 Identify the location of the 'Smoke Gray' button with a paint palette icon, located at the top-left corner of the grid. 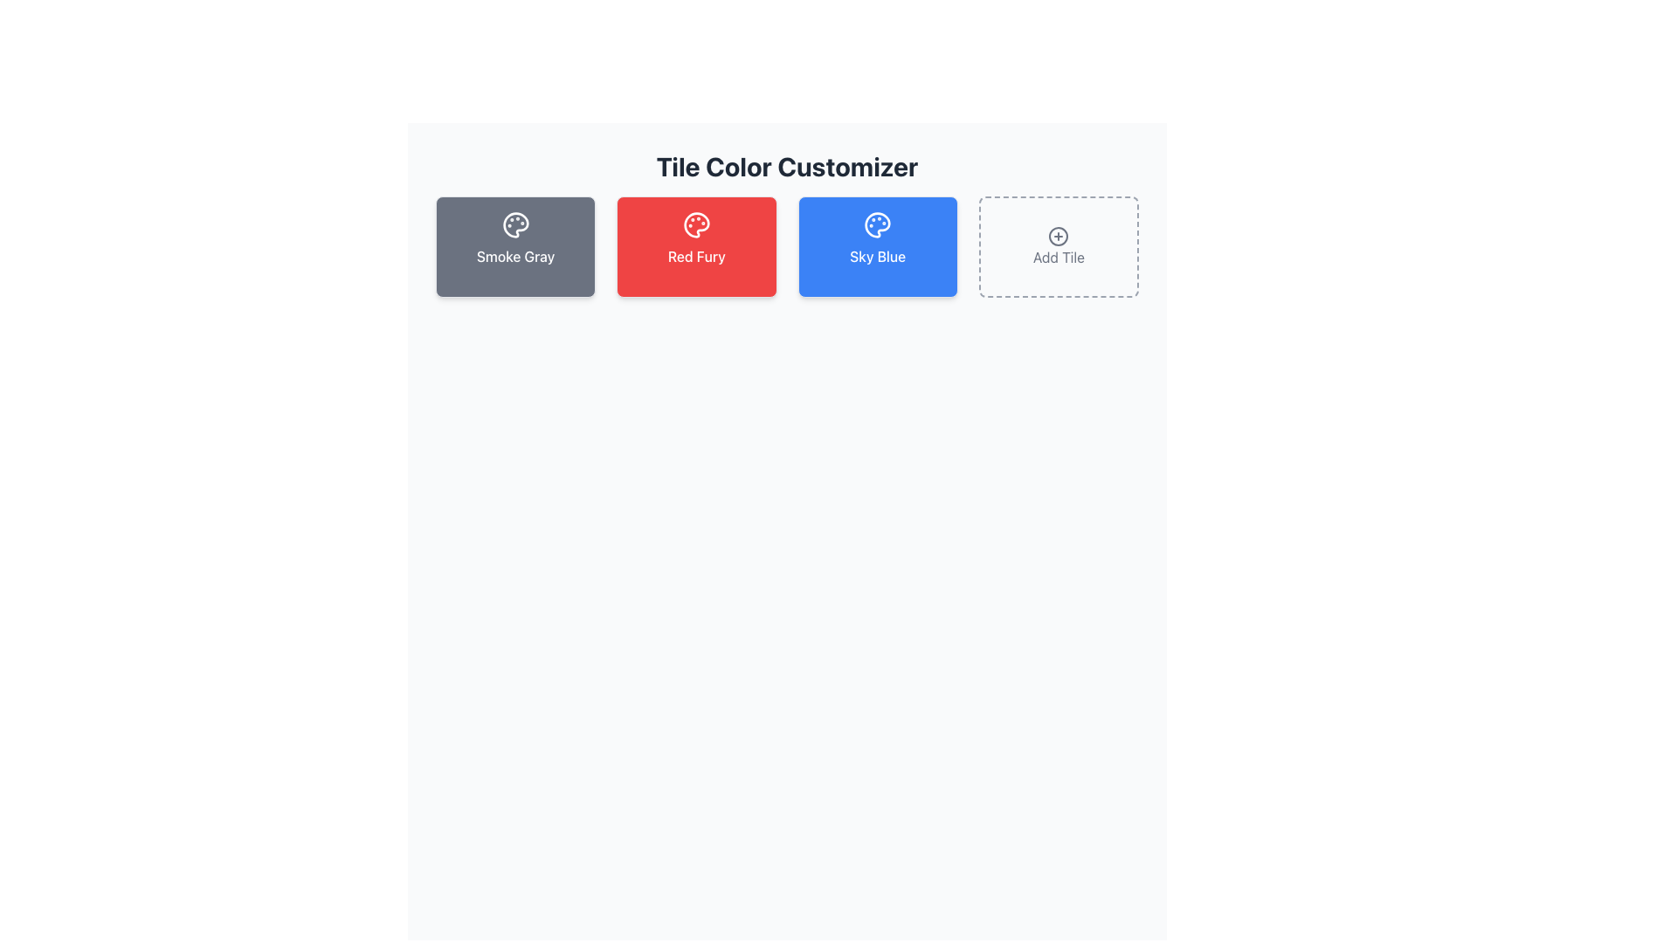
(514, 246).